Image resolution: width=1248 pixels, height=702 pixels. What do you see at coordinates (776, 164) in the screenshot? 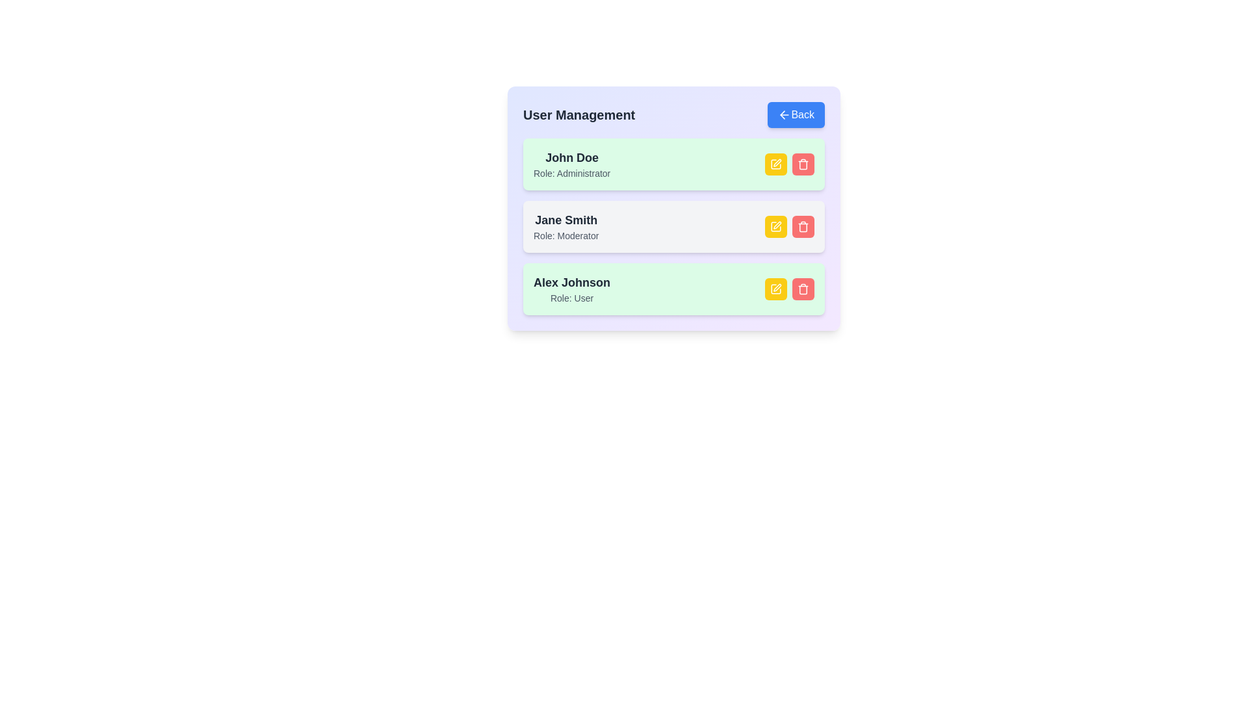
I see `edit button for the user identified by John Doe` at bounding box center [776, 164].